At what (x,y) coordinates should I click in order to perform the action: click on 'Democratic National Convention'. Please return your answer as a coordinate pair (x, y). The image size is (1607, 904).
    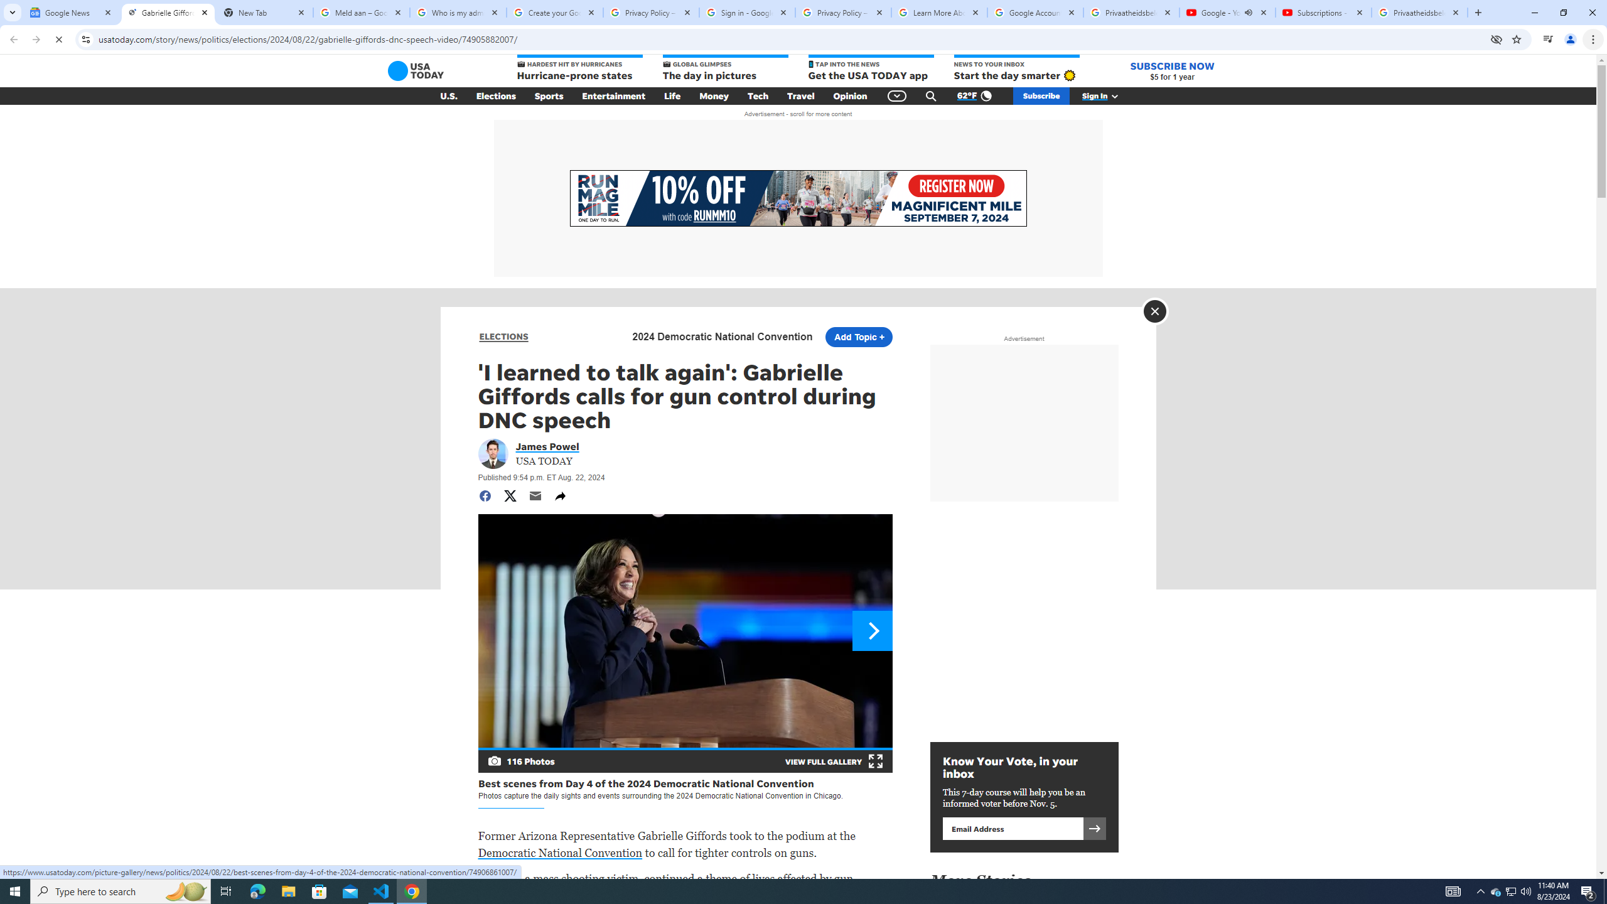
    Looking at the image, I should click on (560, 852).